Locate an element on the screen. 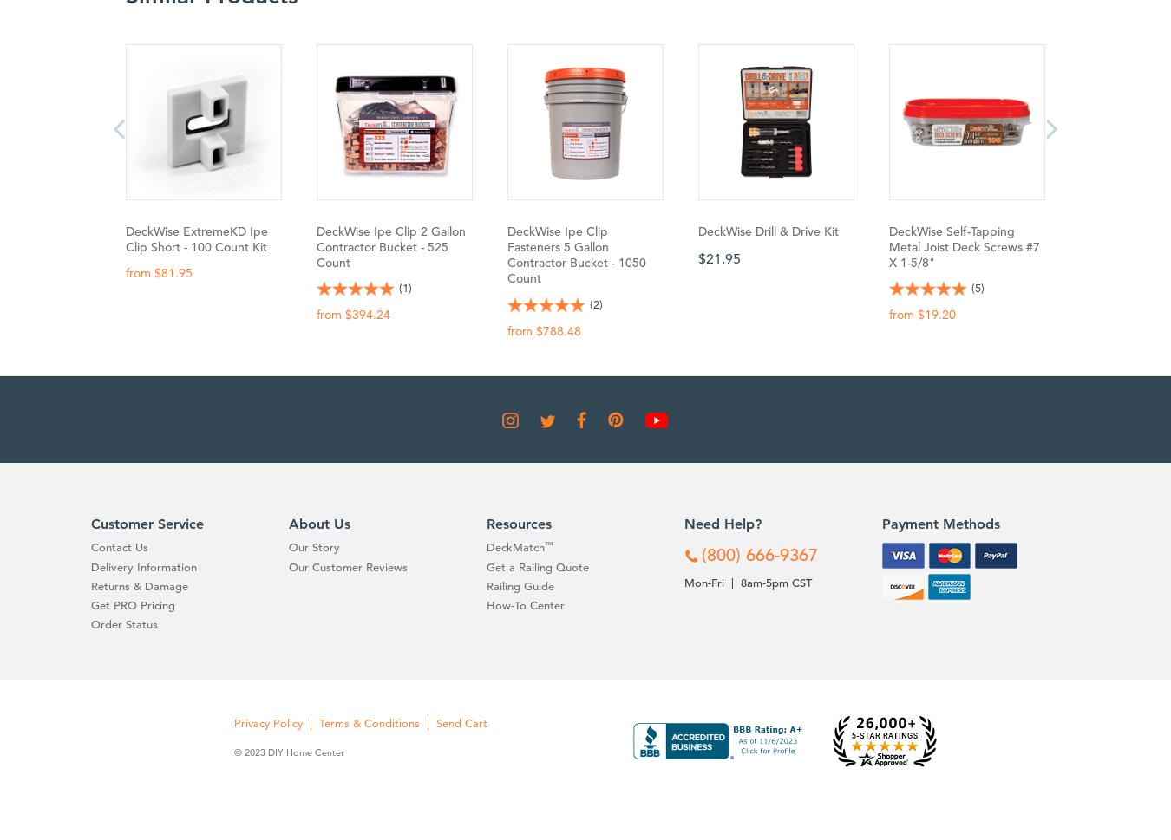 This screenshot has width=1171, height=840. 'Get a Railing Quote' is located at coordinates (538, 566).